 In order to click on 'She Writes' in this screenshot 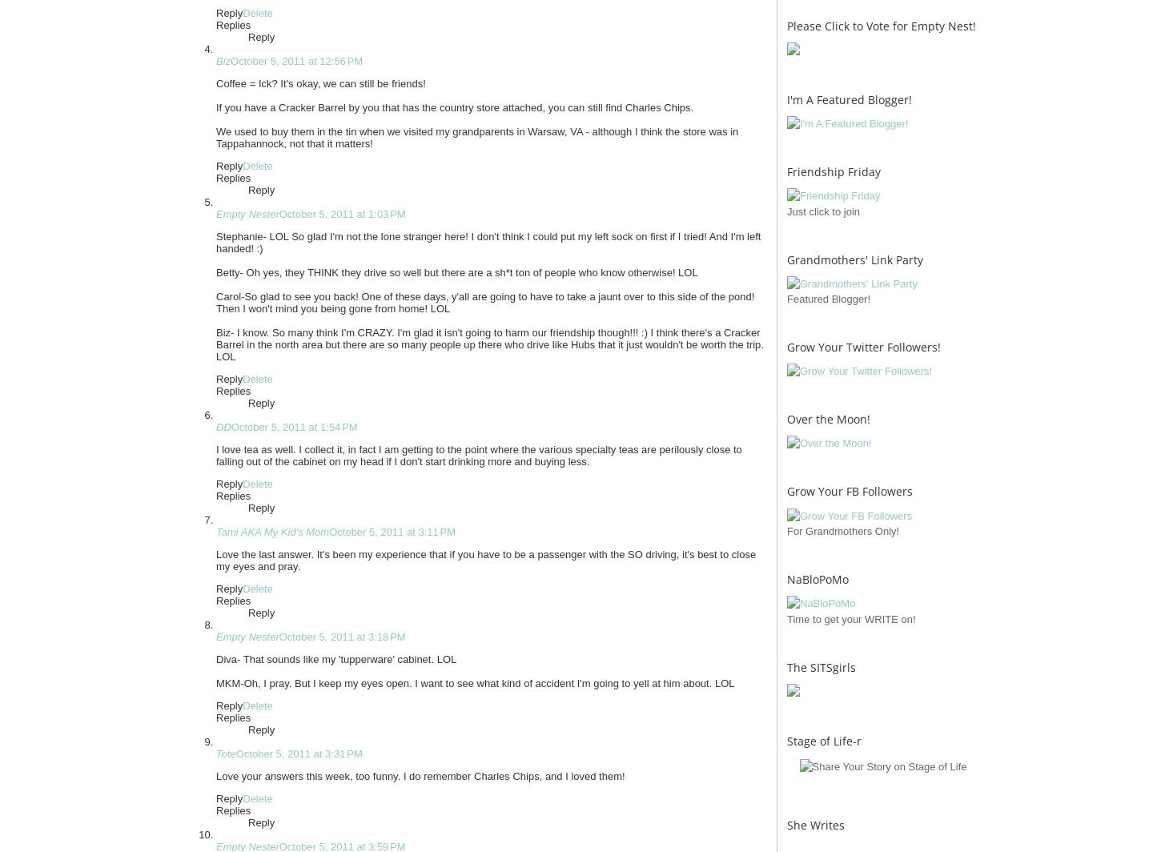, I will do `click(816, 825)`.